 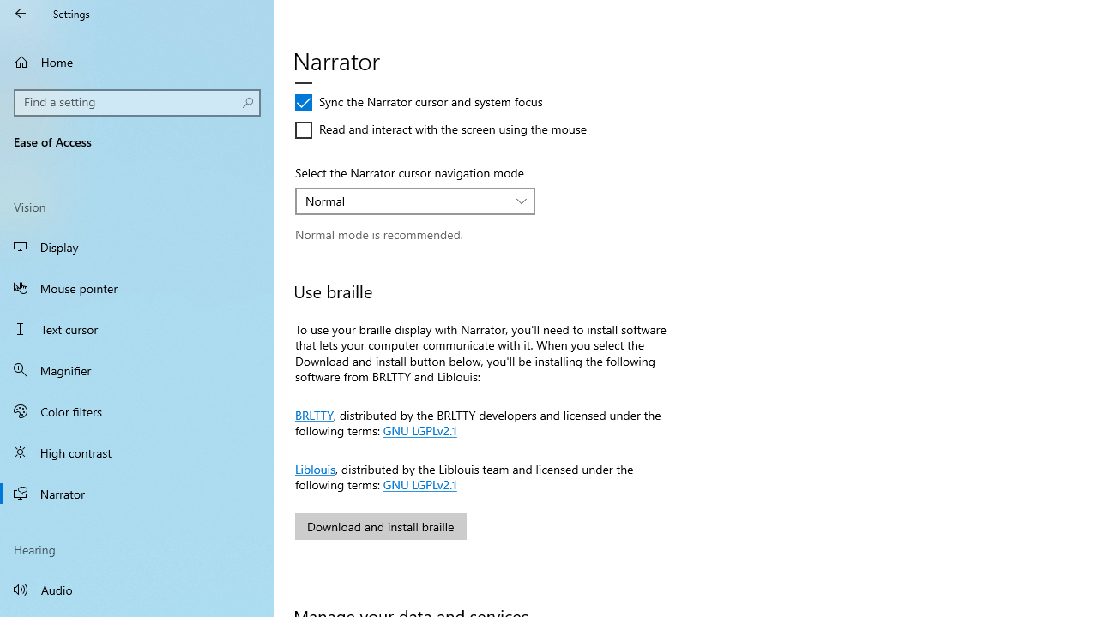 I want to click on 'High contrast', so click(x=137, y=452).